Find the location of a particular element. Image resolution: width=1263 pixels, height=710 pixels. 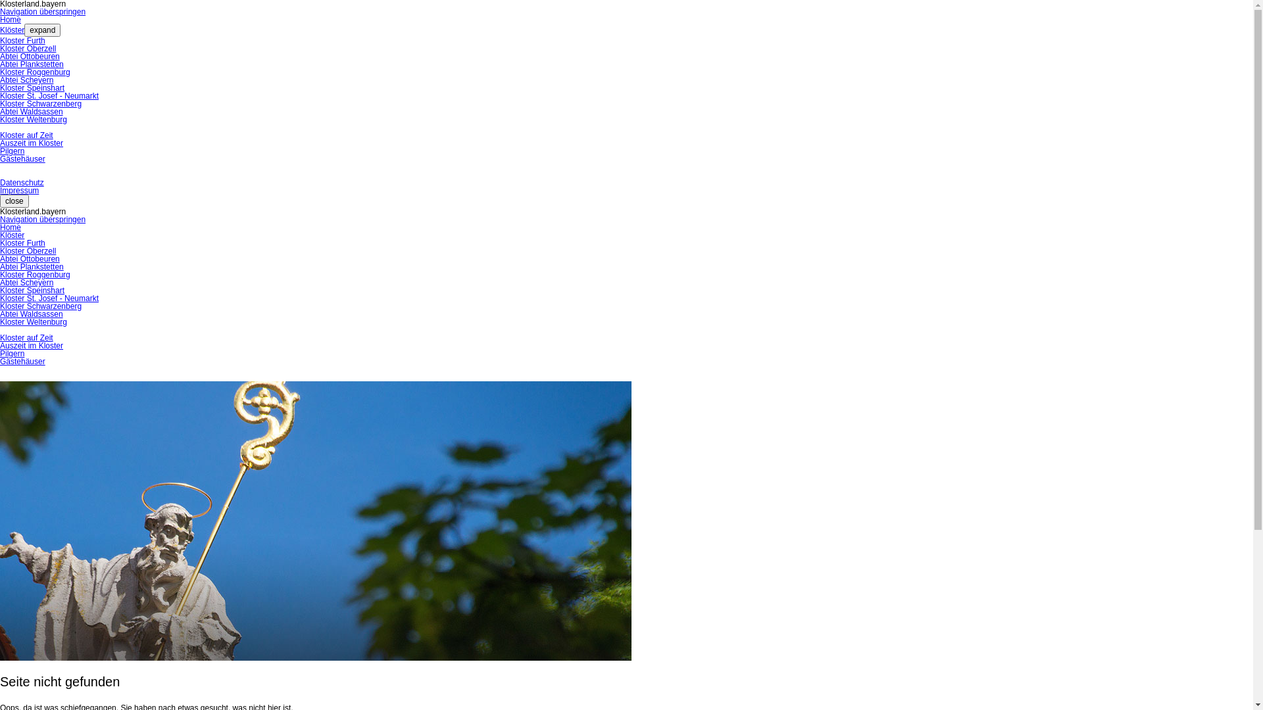

'Home' is located at coordinates (10, 227).